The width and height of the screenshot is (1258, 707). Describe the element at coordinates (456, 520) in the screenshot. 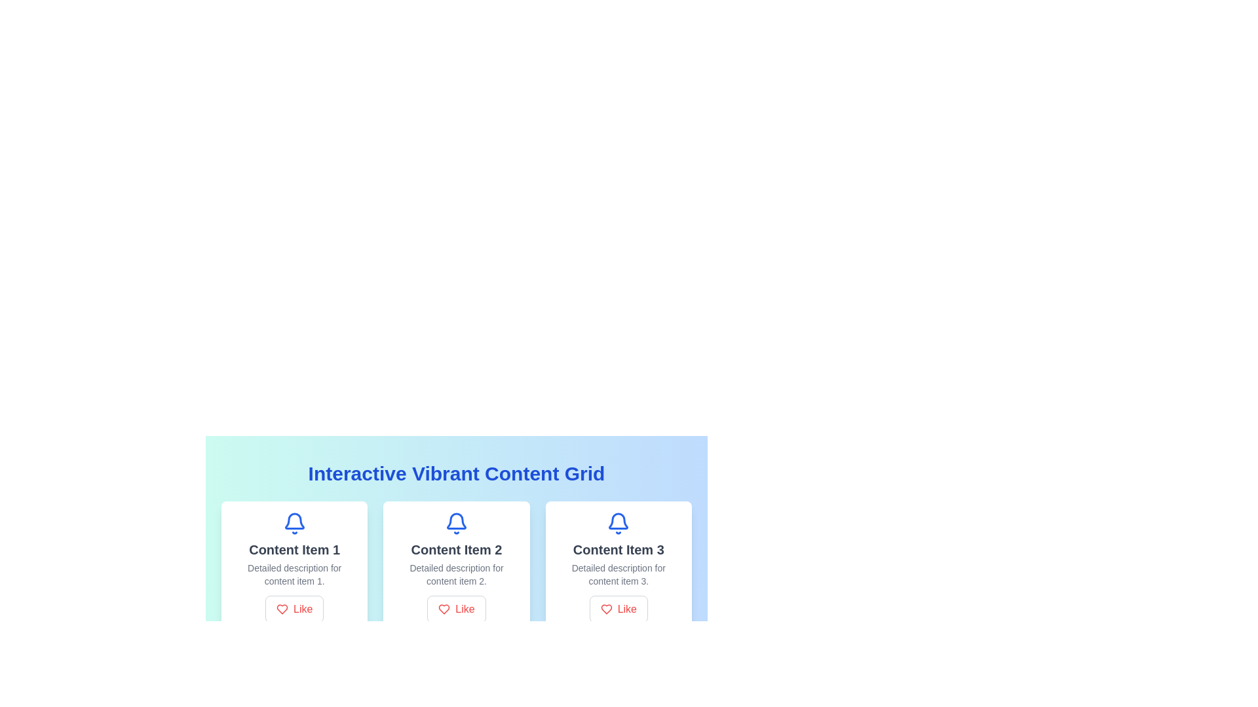

I see `the bell-shaped notification icon, which is bright blue and located at the top of the second content card titled 'Content Item 2.'` at that location.